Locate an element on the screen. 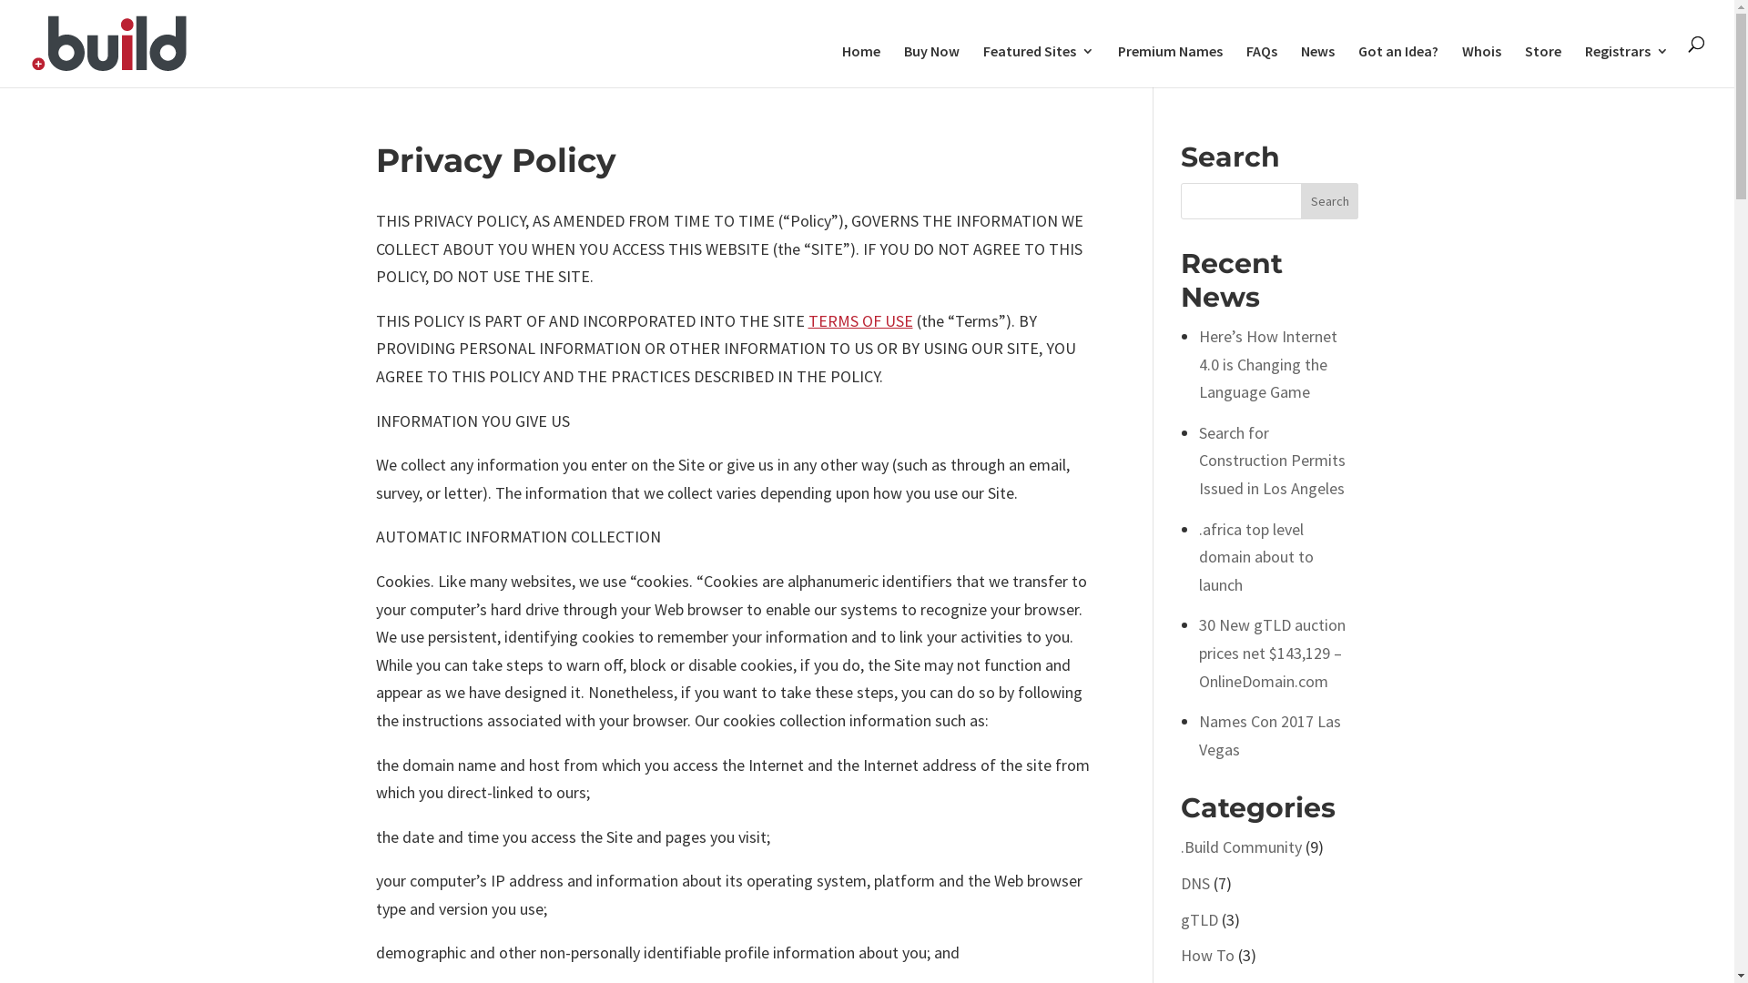  'Skip to content' is located at coordinates (0, 0).